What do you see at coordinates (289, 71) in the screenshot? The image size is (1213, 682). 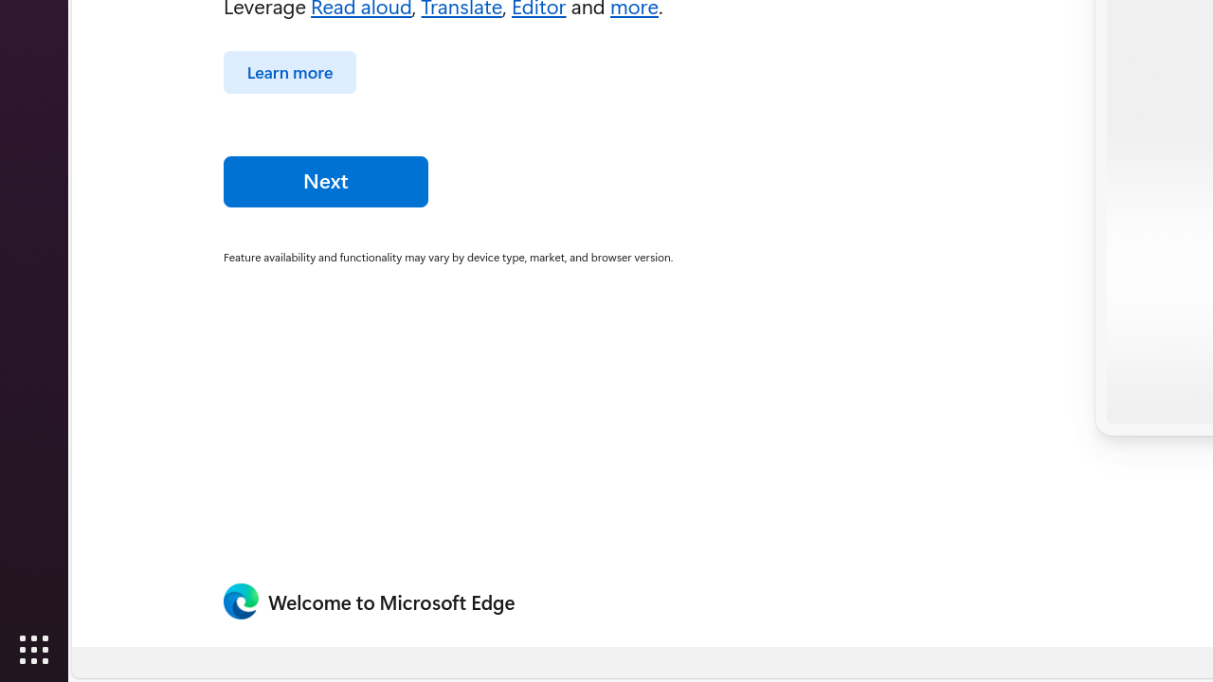 I see `'Learn more'` at bounding box center [289, 71].